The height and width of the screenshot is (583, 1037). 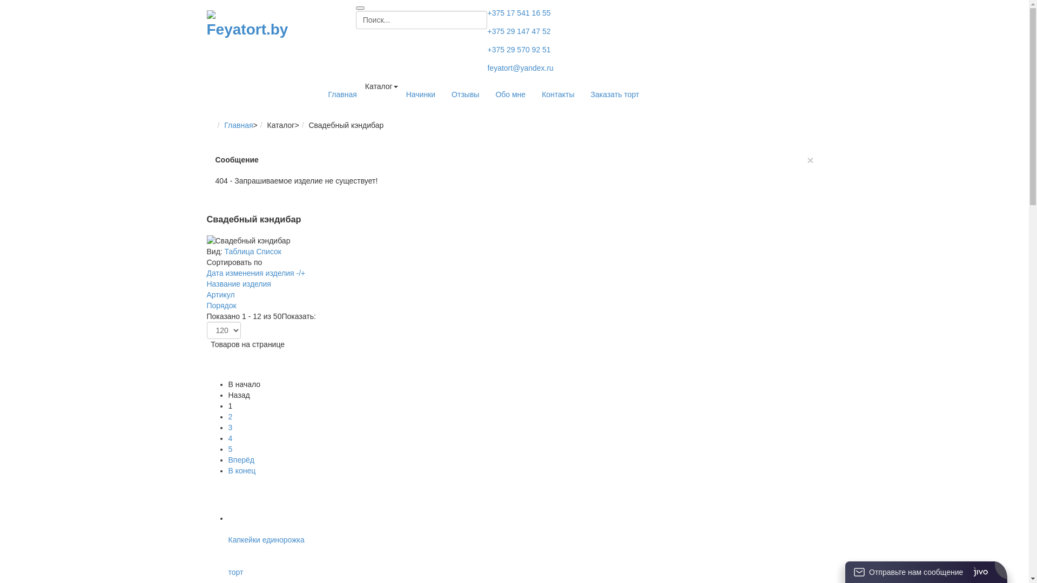 What do you see at coordinates (518, 12) in the screenshot?
I see `'+375 17 541 16 55'` at bounding box center [518, 12].